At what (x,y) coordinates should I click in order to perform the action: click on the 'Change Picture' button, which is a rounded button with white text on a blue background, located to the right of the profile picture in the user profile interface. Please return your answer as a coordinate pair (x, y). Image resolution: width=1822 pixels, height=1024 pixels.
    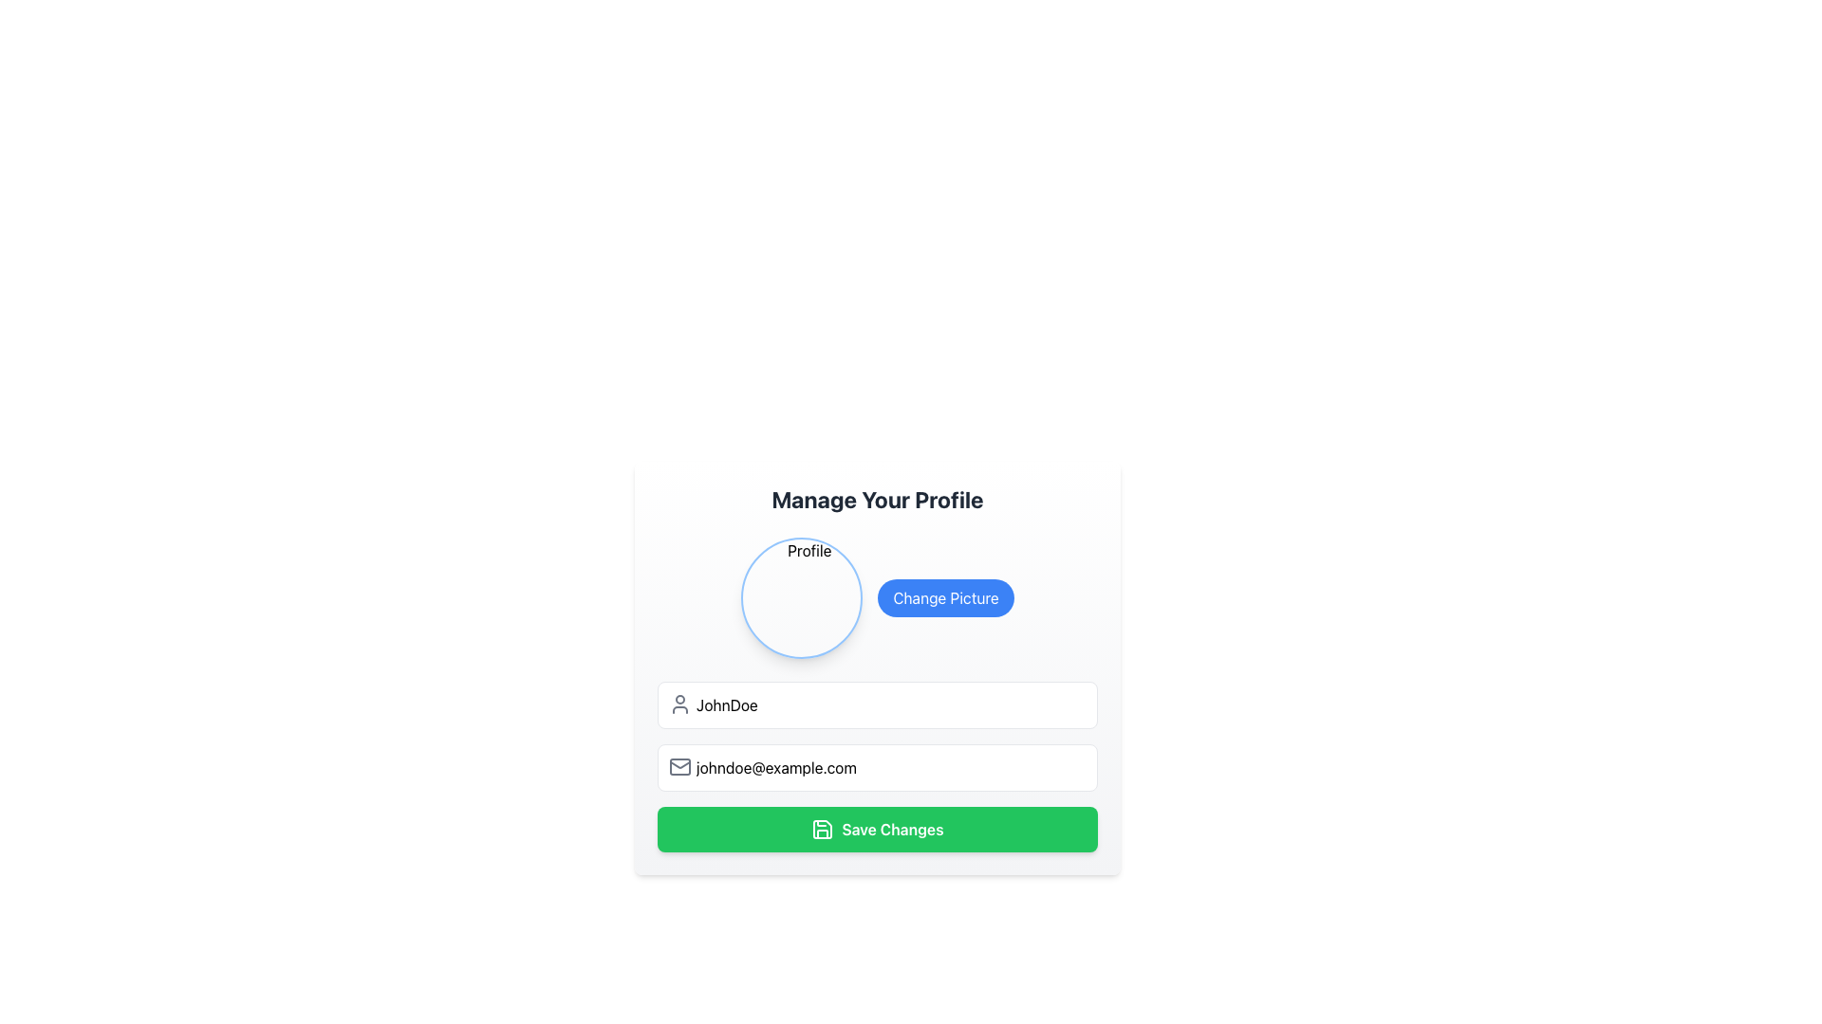
    Looking at the image, I should click on (946, 598).